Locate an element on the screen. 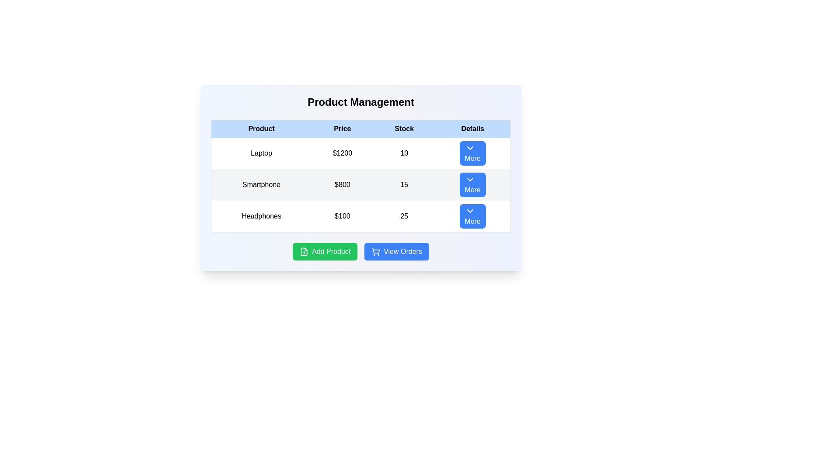 The height and width of the screenshot is (472, 839). the second row of the product table, which contains information about the smartphone including its price and stock is located at coordinates (361, 184).